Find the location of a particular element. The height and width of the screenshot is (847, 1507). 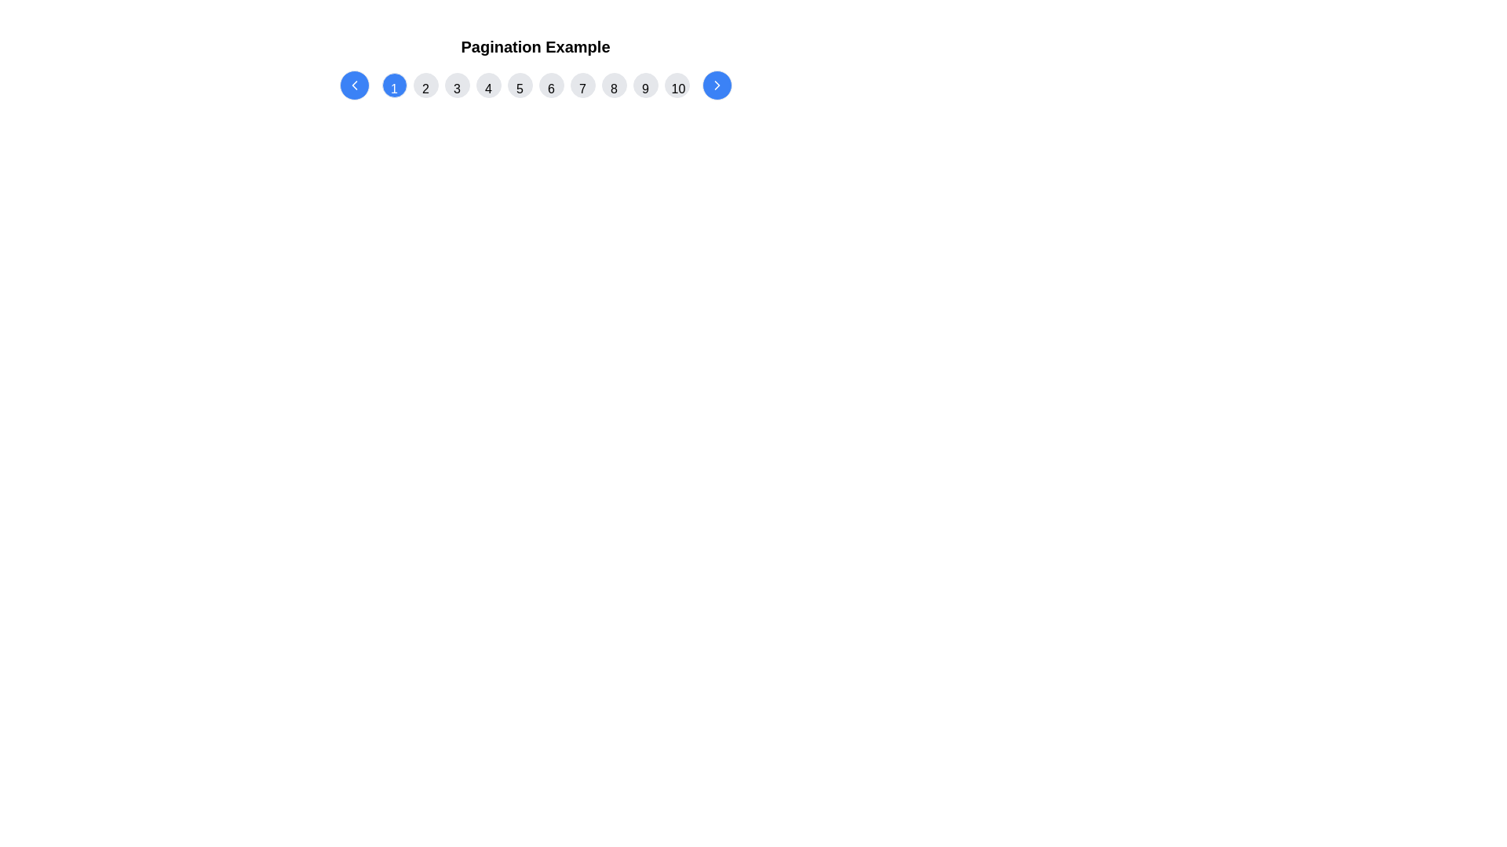

the seventh pagination button is located at coordinates (582, 85).